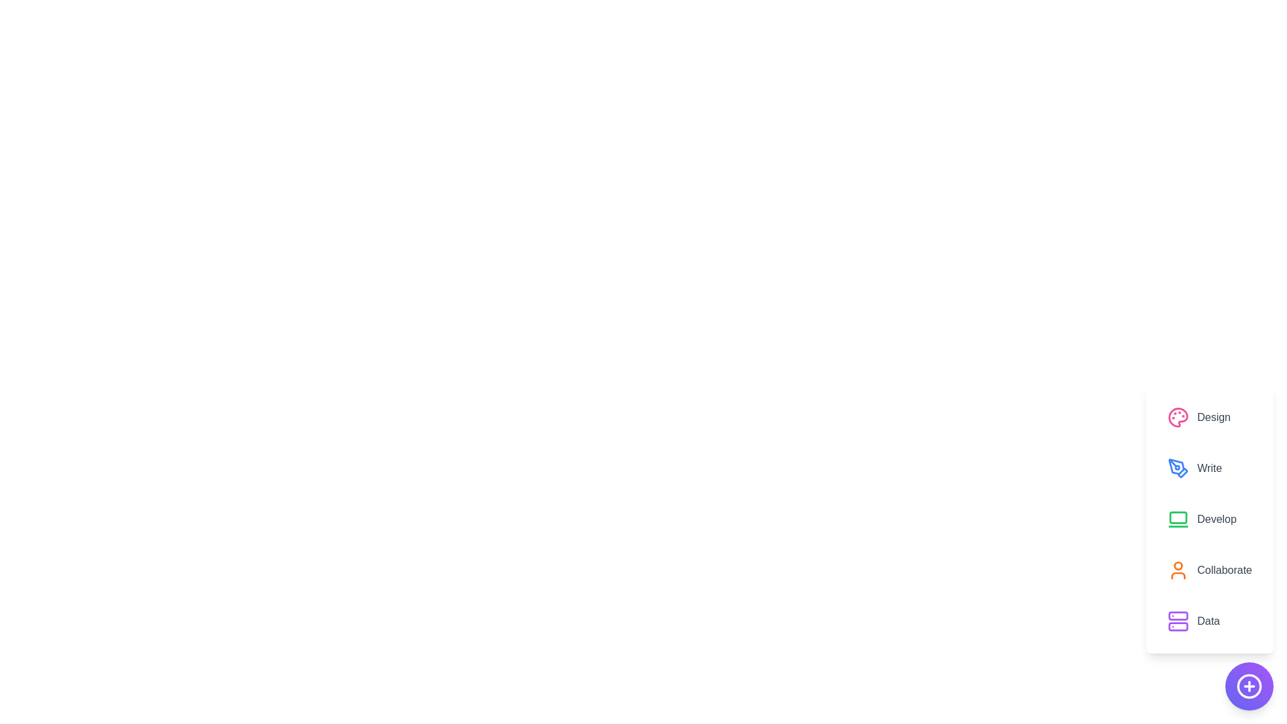  I want to click on the icon corresponding to Develop to view additional details, so click(1177, 519).